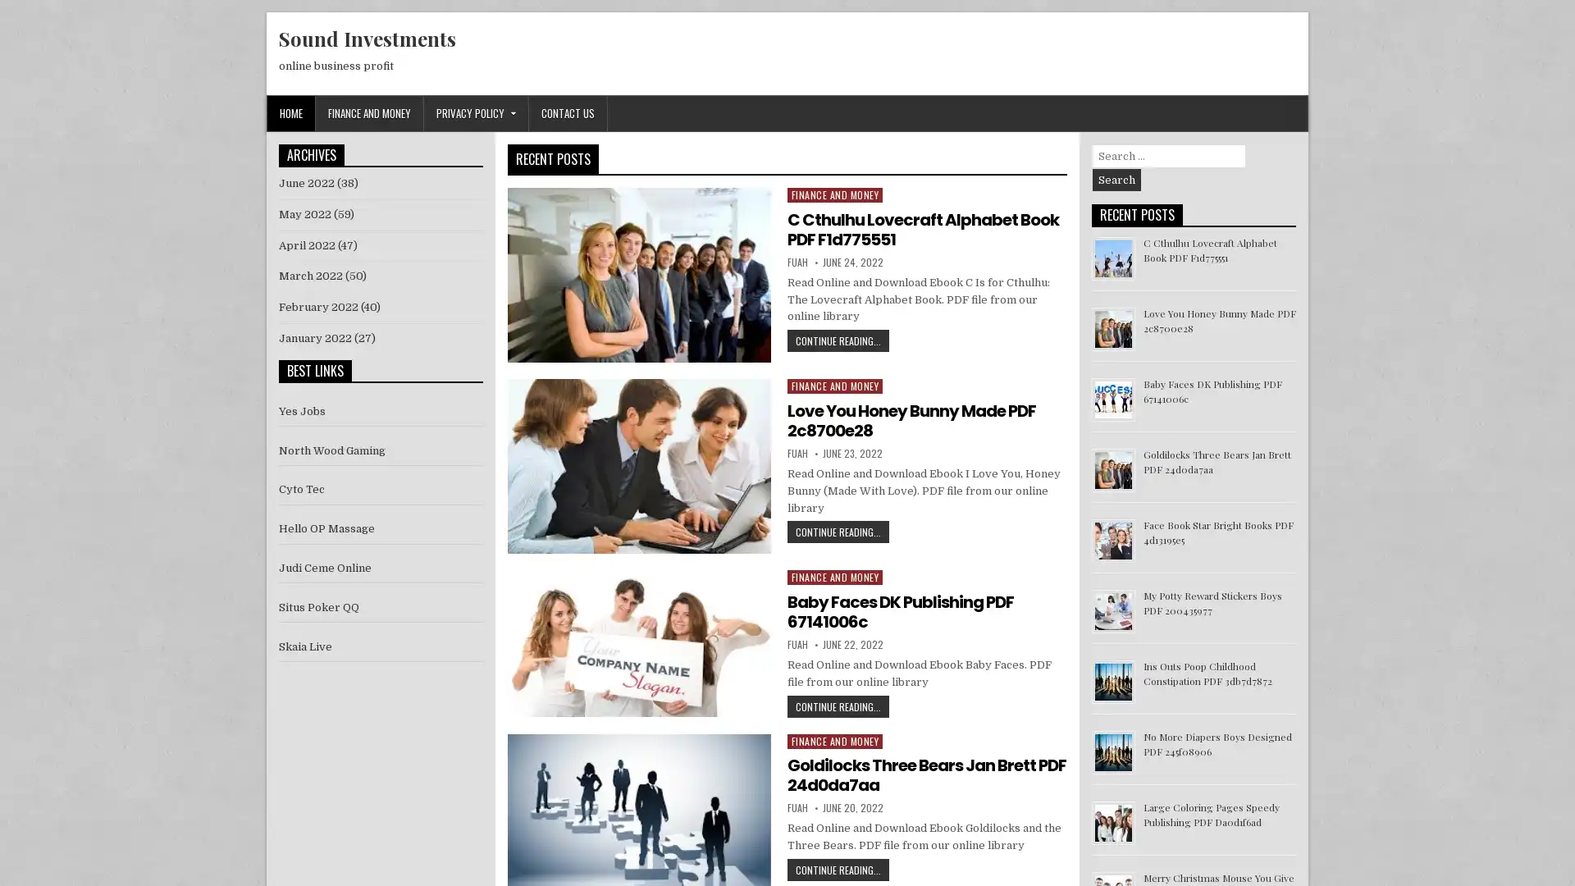  I want to click on Search, so click(1116, 180).